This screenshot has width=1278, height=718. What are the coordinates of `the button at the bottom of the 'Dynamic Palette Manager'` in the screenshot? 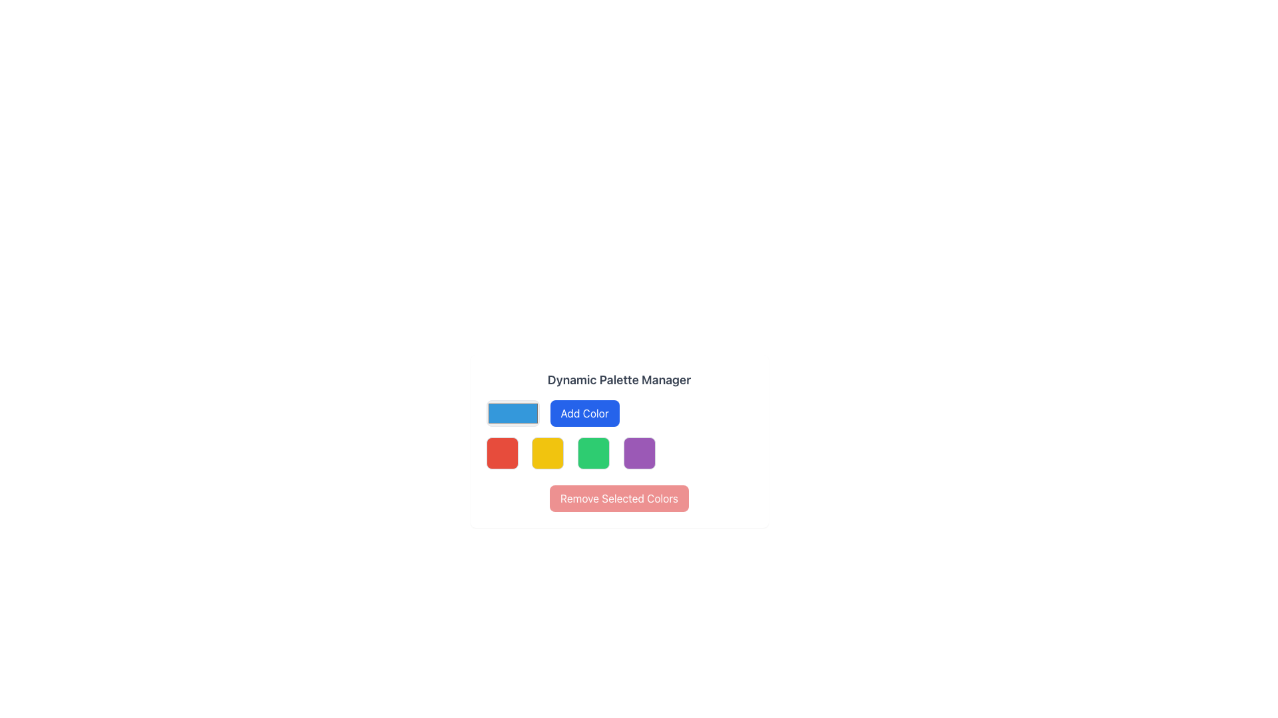 It's located at (618, 498).